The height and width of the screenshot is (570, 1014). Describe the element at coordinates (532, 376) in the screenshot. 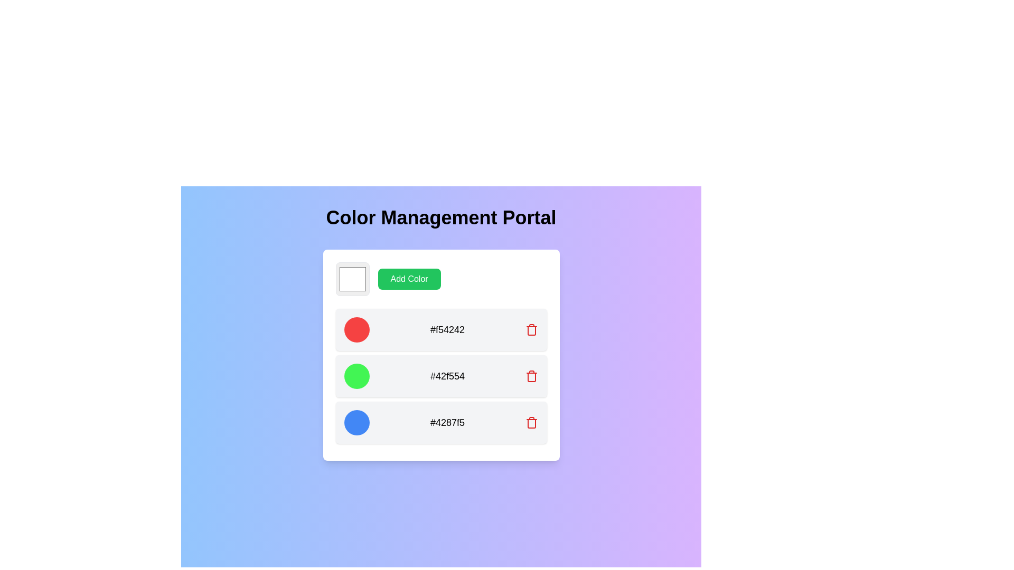

I see `the delete button located at the far right of the third row in the color item list` at that location.